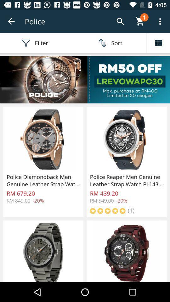 The height and width of the screenshot is (302, 170). Describe the element at coordinates (11, 21) in the screenshot. I see `the icon to the left of police icon` at that location.